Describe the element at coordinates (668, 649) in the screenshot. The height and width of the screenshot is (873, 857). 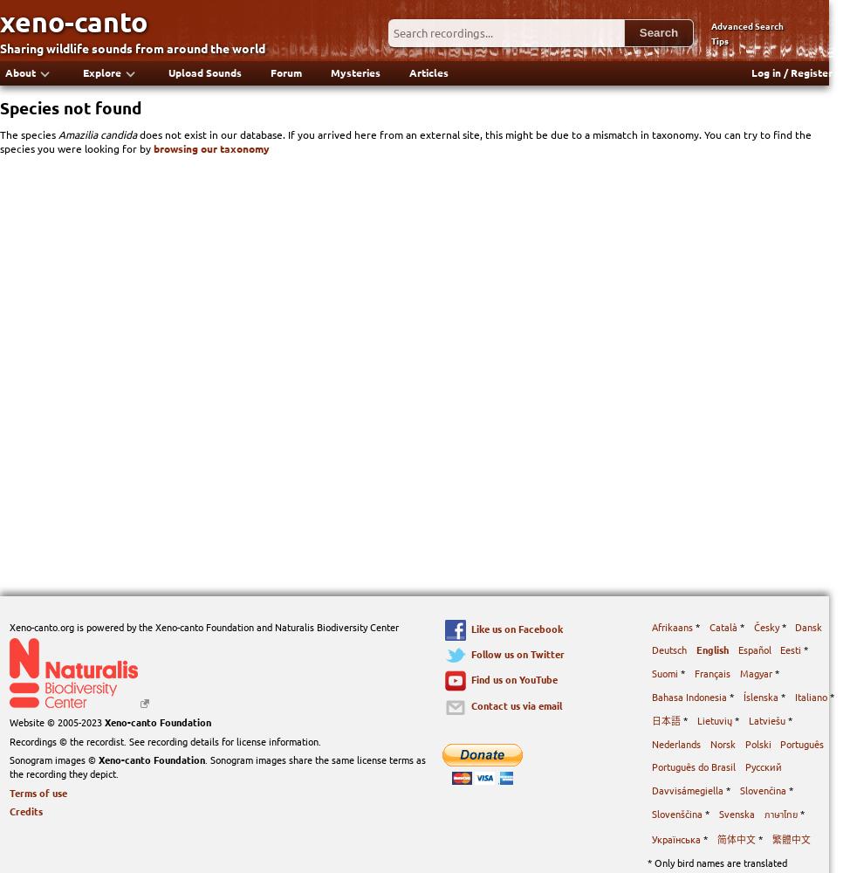
I see `'Deutsch'` at that location.